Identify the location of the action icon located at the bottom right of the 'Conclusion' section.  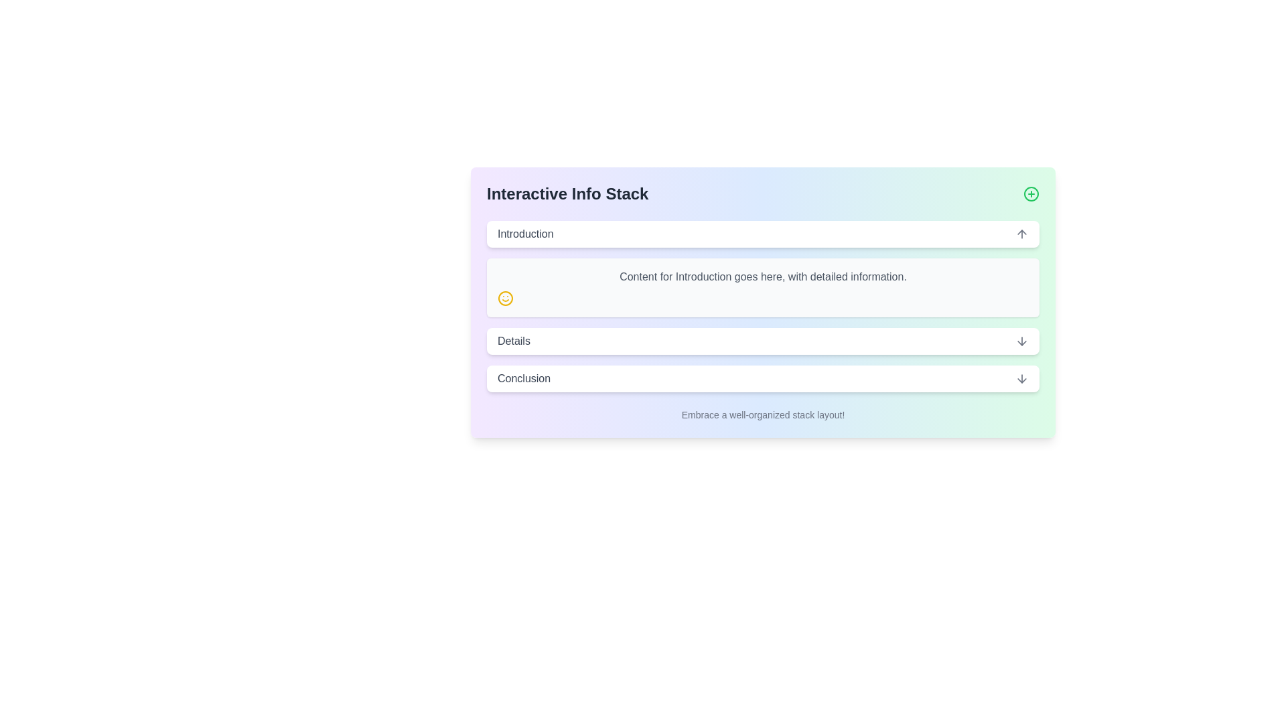
(1021, 379).